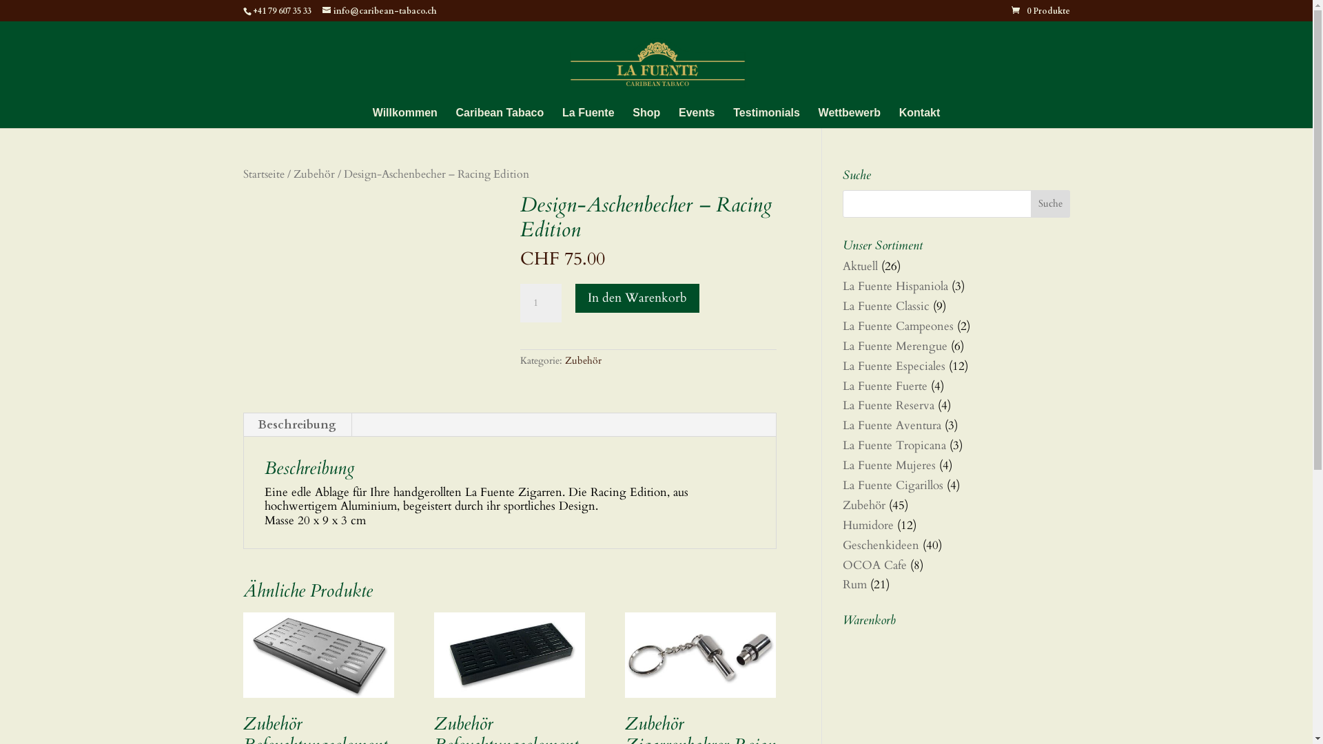  I want to click on 'OCOA Cafe', so click(873, 565).